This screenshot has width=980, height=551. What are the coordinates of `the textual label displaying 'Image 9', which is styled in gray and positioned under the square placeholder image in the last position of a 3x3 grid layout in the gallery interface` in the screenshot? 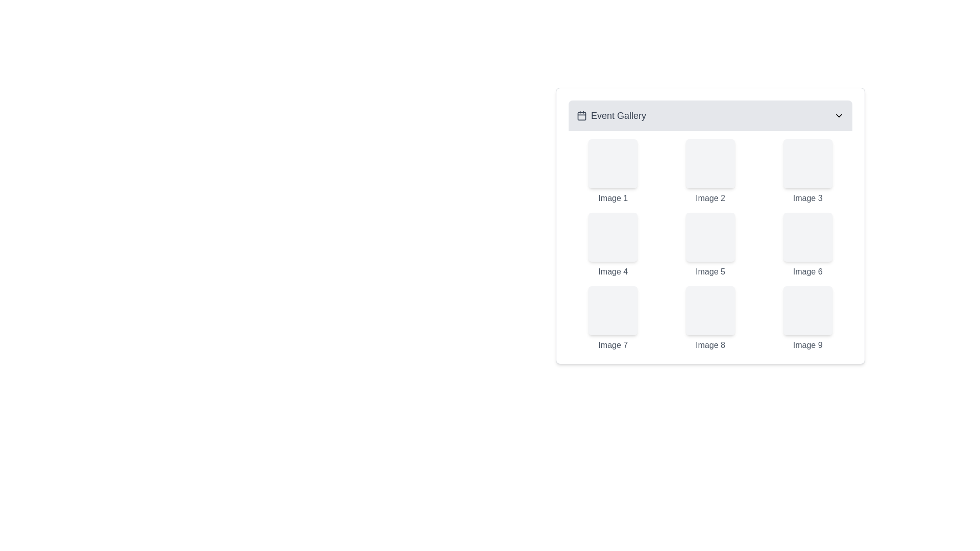 It's located at (807, 345).